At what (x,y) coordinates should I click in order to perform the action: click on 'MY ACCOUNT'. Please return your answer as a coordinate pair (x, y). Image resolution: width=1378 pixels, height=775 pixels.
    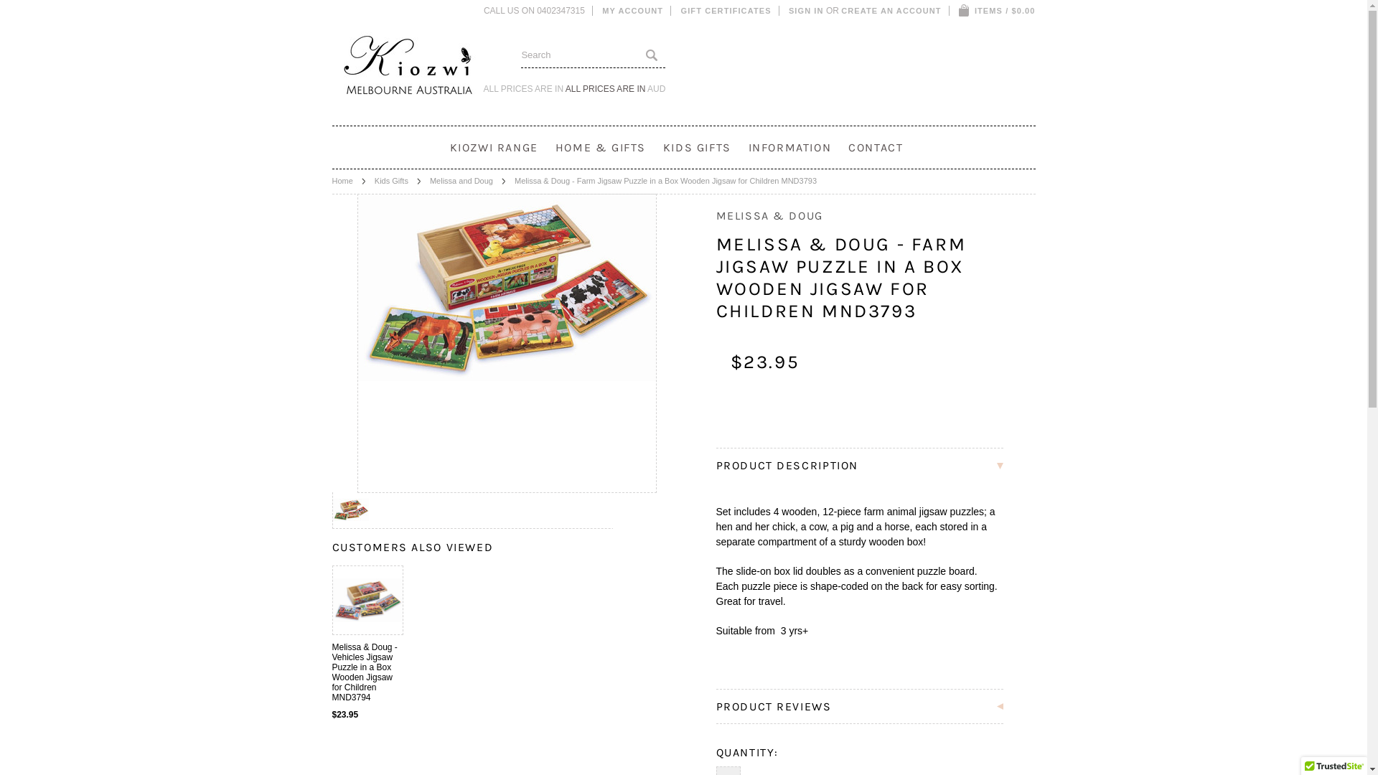
    Looking at the image, I should click on (632, 11).